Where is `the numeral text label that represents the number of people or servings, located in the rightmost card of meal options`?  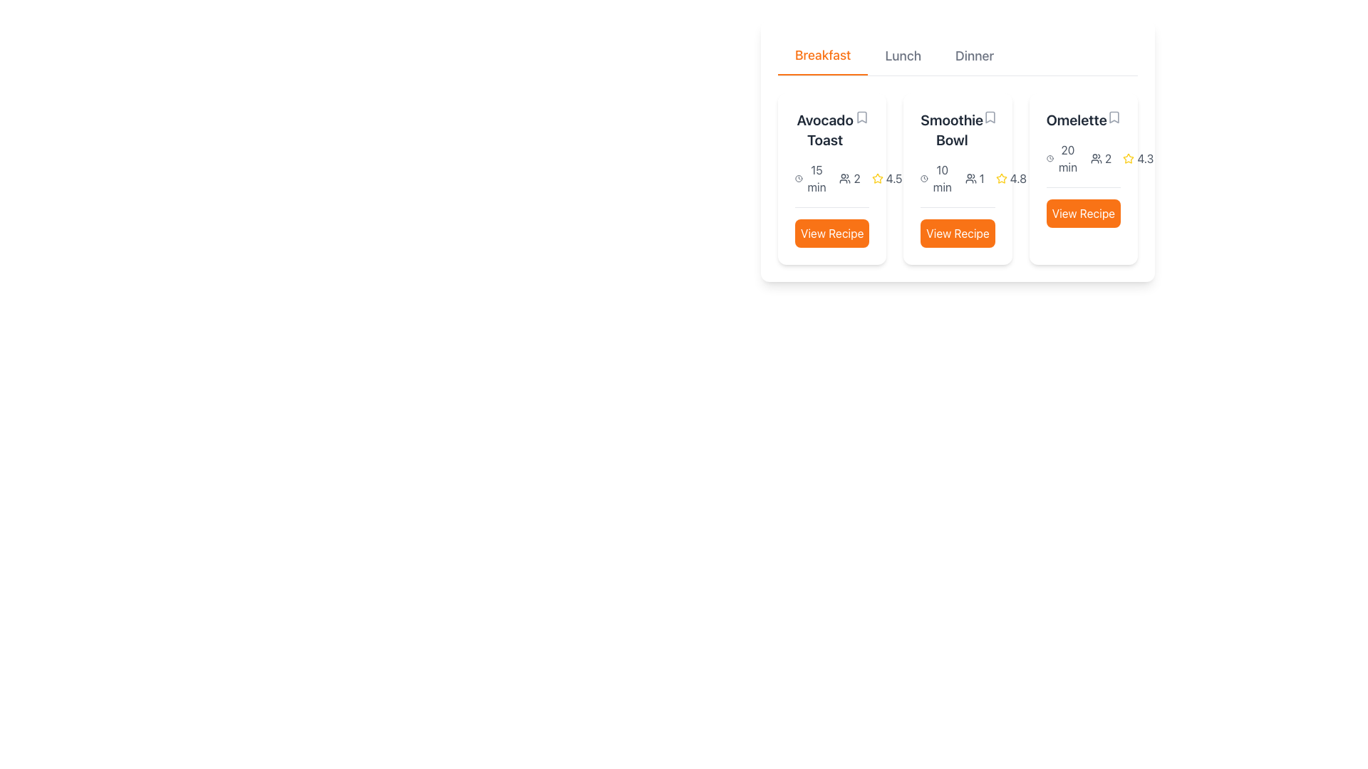
the numeral text label that represents the number of people or servings, located in the rightmost card of meal options is located at coordinates (1107, 159).